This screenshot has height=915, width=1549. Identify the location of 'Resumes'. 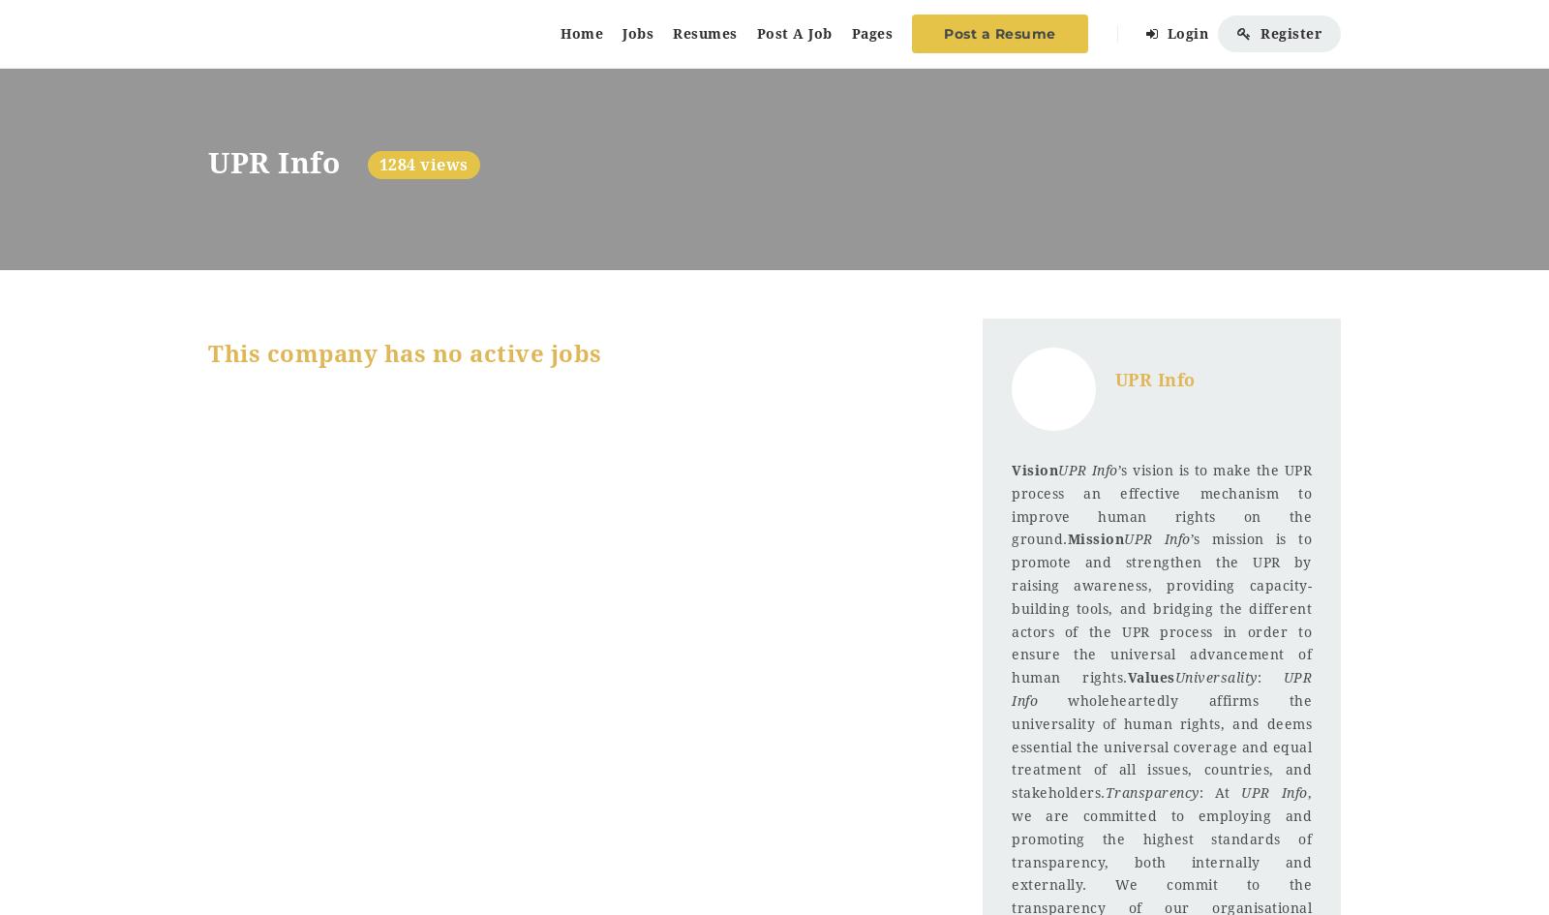
(705, 33).